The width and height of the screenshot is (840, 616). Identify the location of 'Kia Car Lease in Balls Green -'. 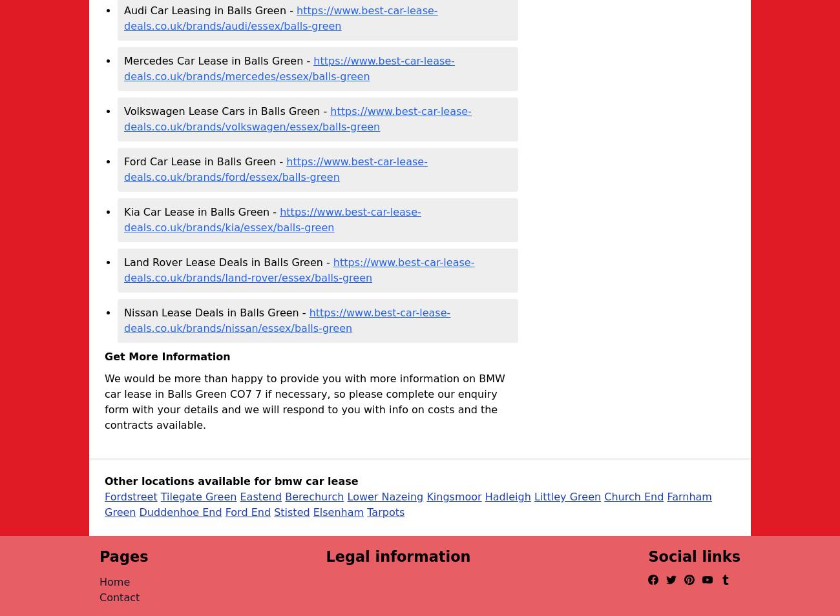
(202, 212).